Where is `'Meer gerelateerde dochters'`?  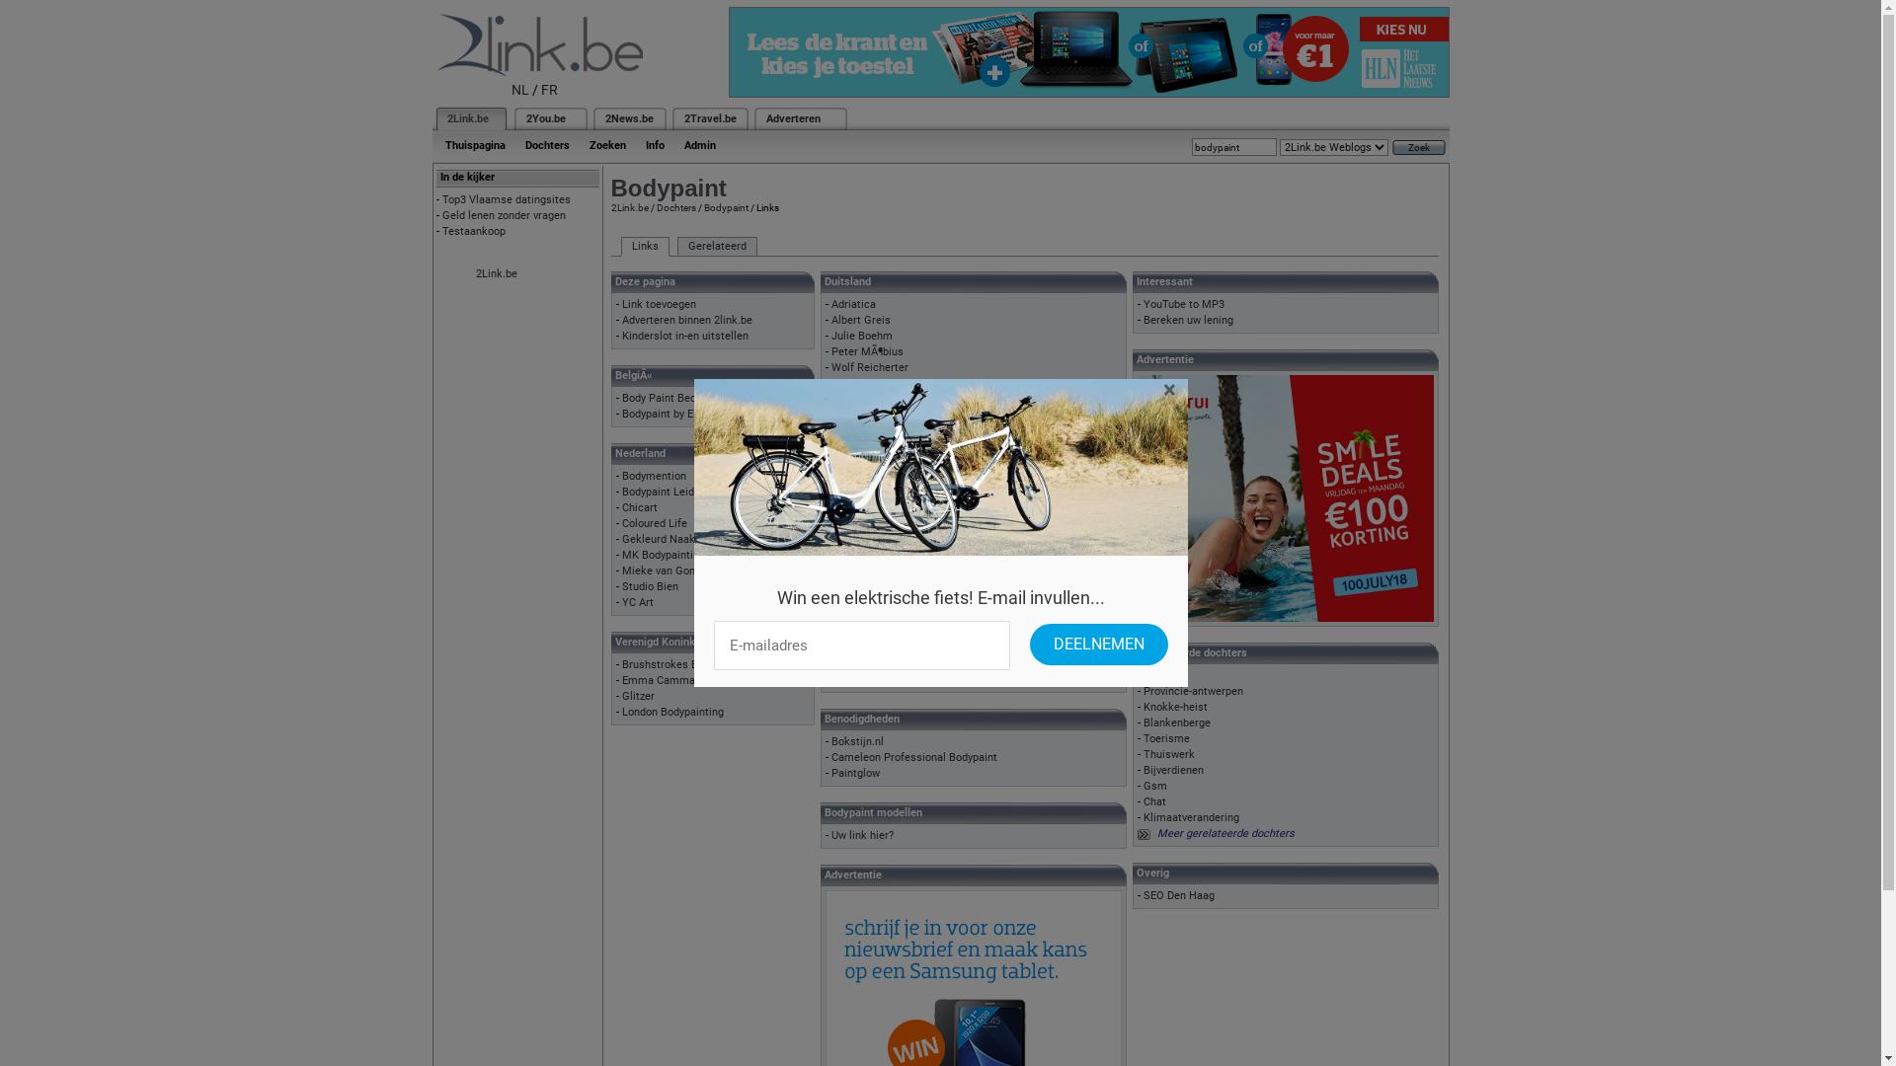
'Meer gerelateerde dochters' is located at coordinates (1224, 833).